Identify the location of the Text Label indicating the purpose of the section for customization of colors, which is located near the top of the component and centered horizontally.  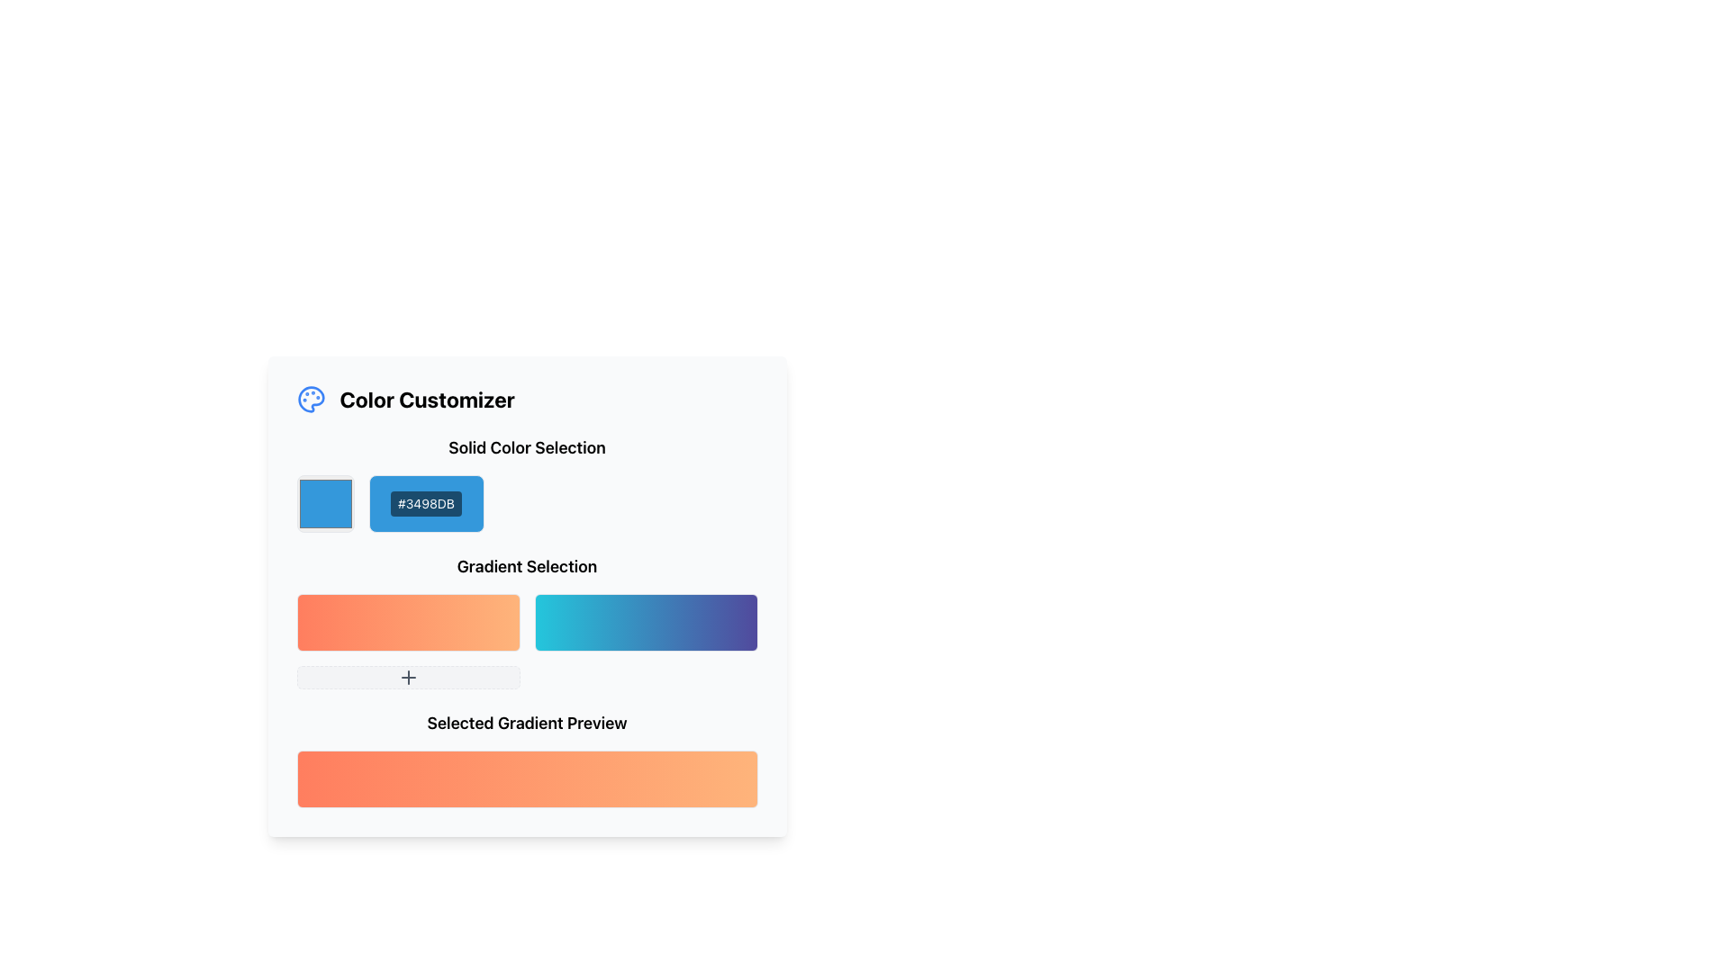
(426, 398).